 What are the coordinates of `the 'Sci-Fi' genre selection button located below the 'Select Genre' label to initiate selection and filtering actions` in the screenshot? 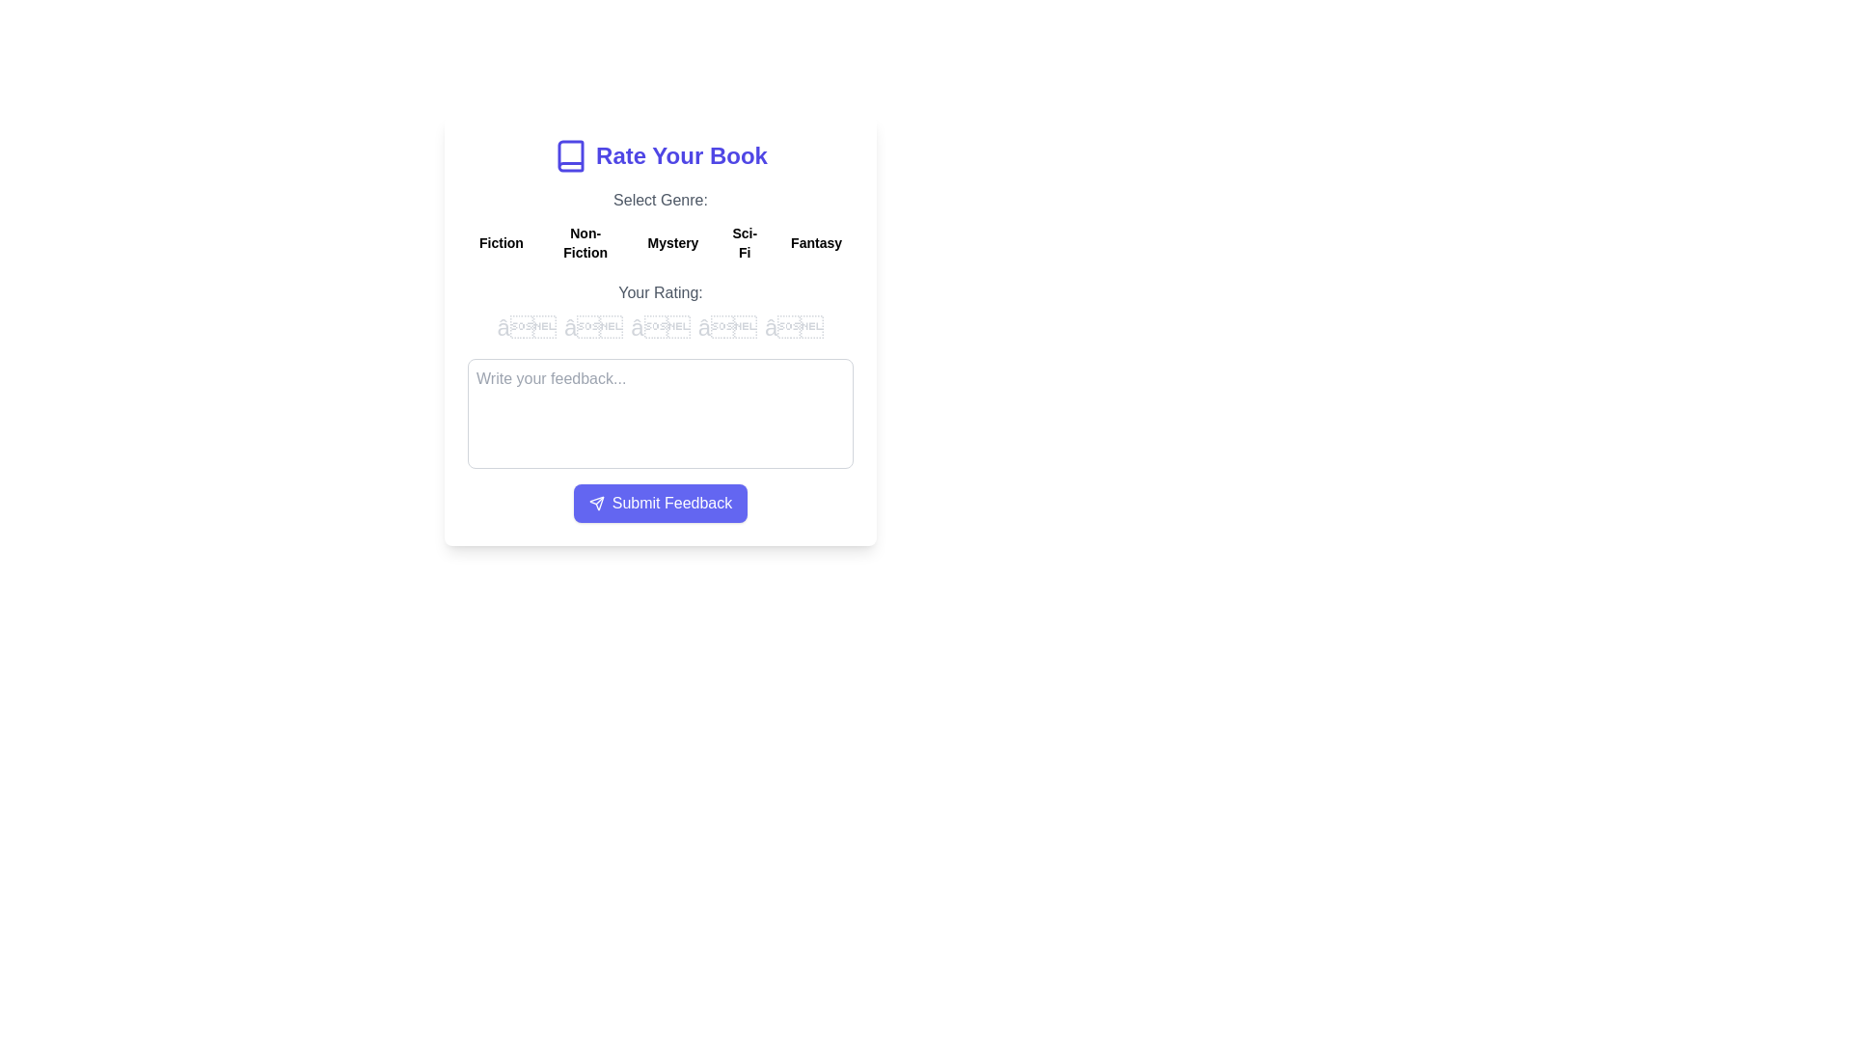 It's located at (744, 241).